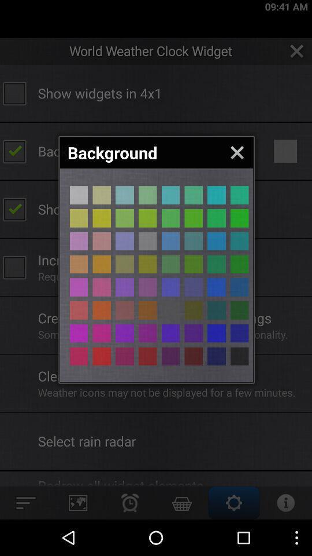 The image size is (312, 556). What do you see at coordinates (239, 264) in the screenshot?
I see `change background color` at bounding box center [239, 264].